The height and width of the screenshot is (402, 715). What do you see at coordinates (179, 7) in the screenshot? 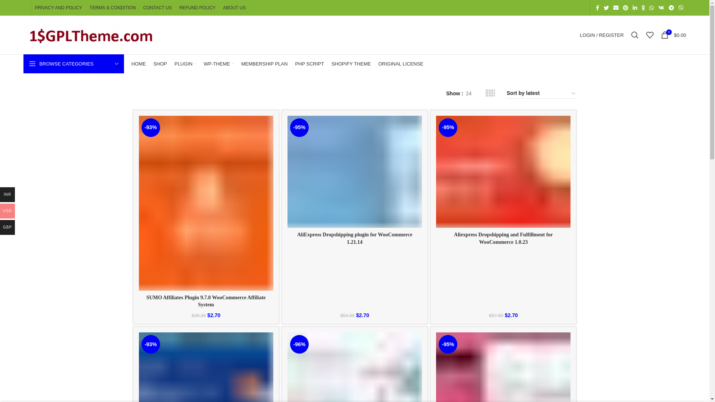
I see `'REFUND POLICY'` at bounding box center [179, 7].